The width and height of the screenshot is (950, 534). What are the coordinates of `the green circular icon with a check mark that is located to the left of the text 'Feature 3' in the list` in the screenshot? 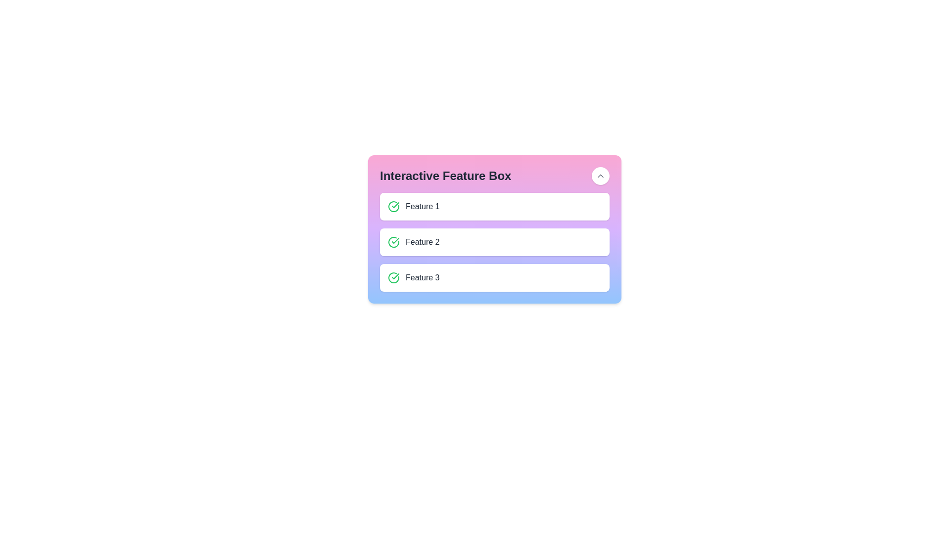 It's located at (393, 278).